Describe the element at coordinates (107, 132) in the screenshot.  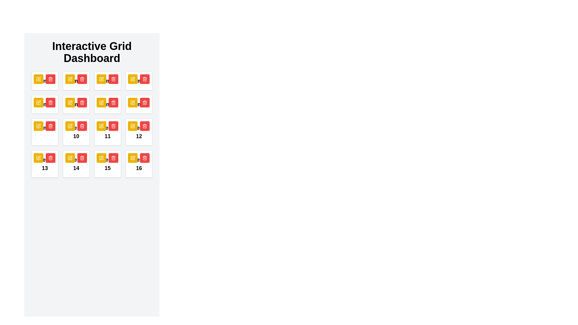
I see `the text label identifying Item 11, which is located in the third row and third column of the grid layout` at that location.